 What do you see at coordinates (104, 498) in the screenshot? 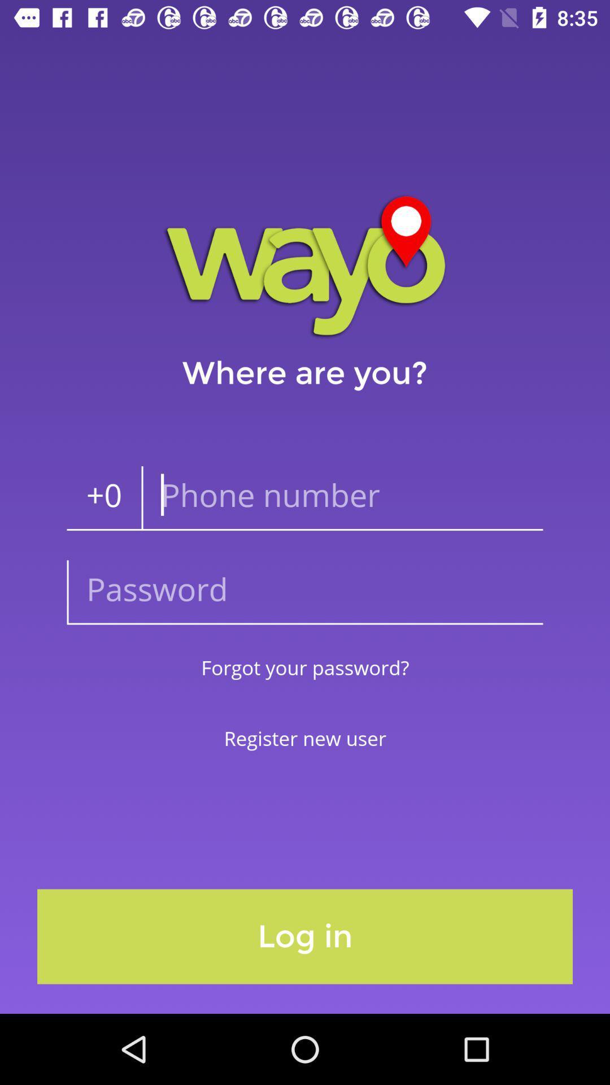
I see `+0 on the left` at bounding box center [104, 498].